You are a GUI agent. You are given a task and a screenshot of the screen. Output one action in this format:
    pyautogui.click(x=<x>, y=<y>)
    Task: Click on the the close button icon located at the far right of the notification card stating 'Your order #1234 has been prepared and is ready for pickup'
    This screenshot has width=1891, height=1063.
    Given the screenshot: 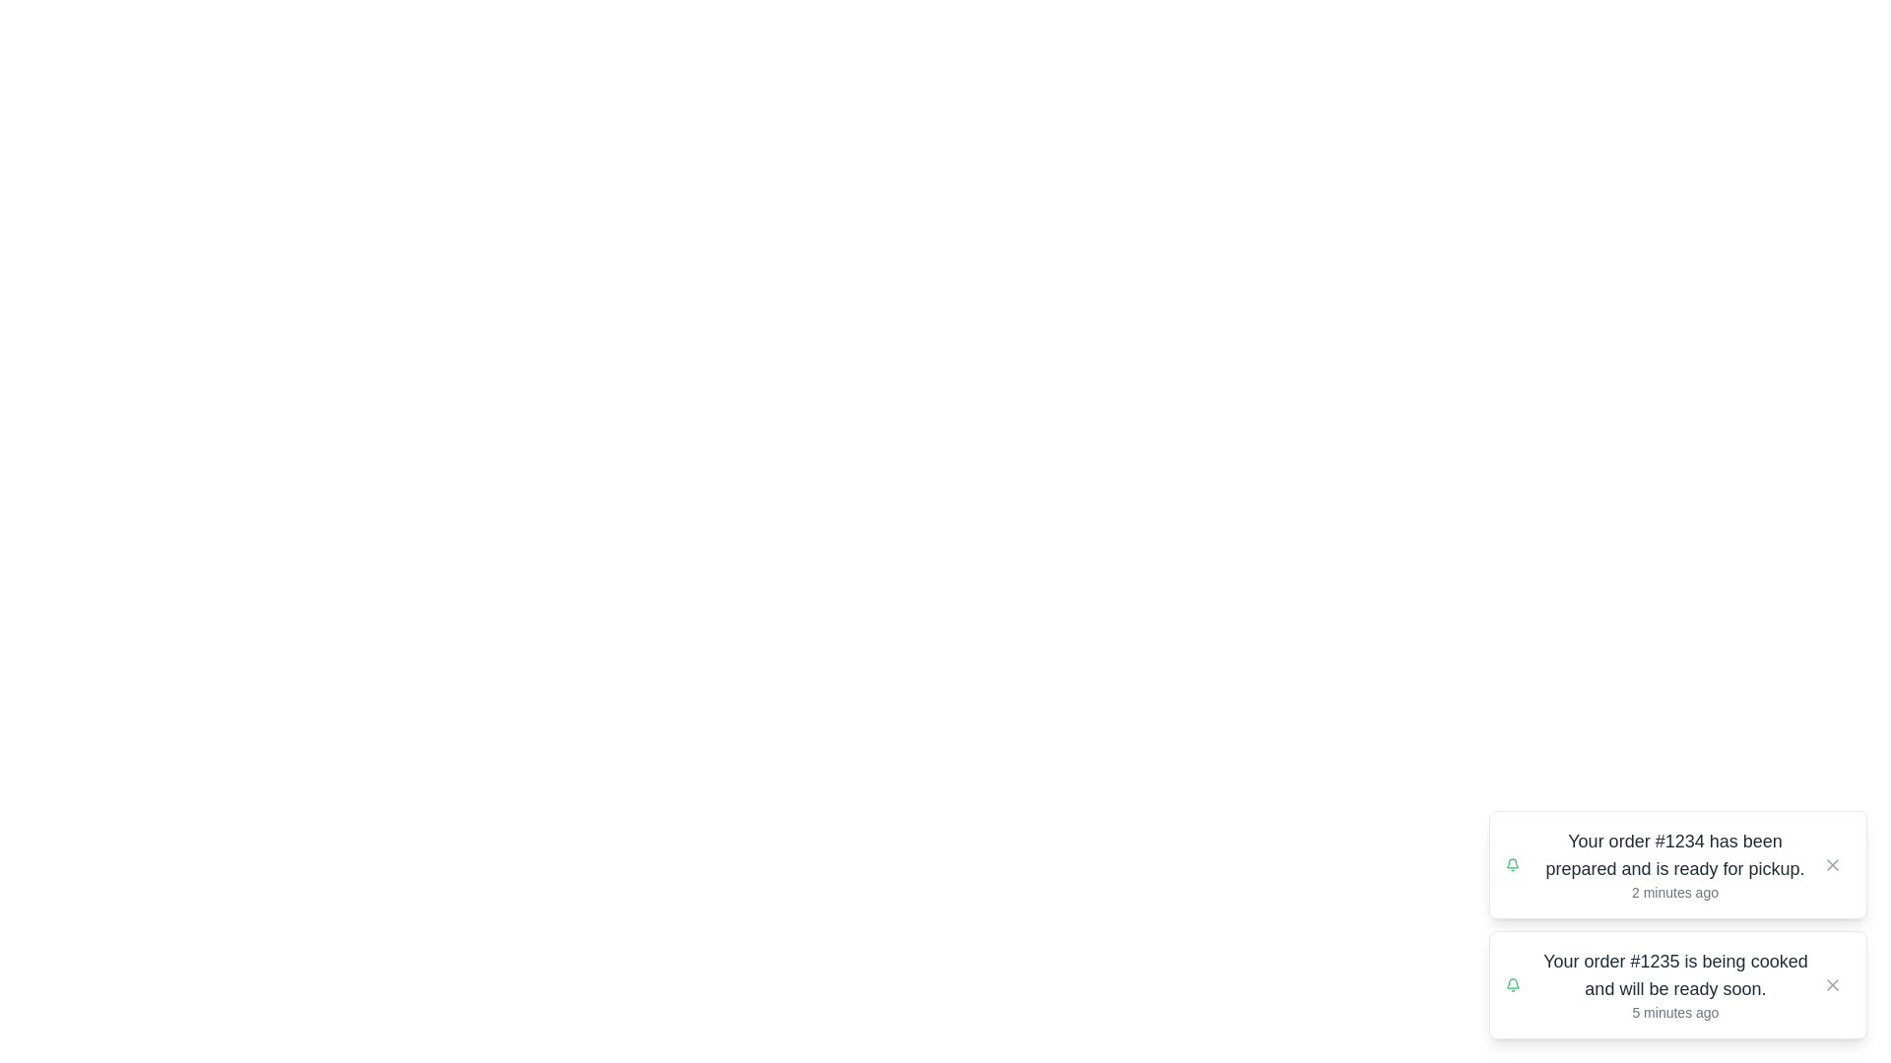 What is the action you would take?
    pyautogui.click(x=1832, y=864)
    